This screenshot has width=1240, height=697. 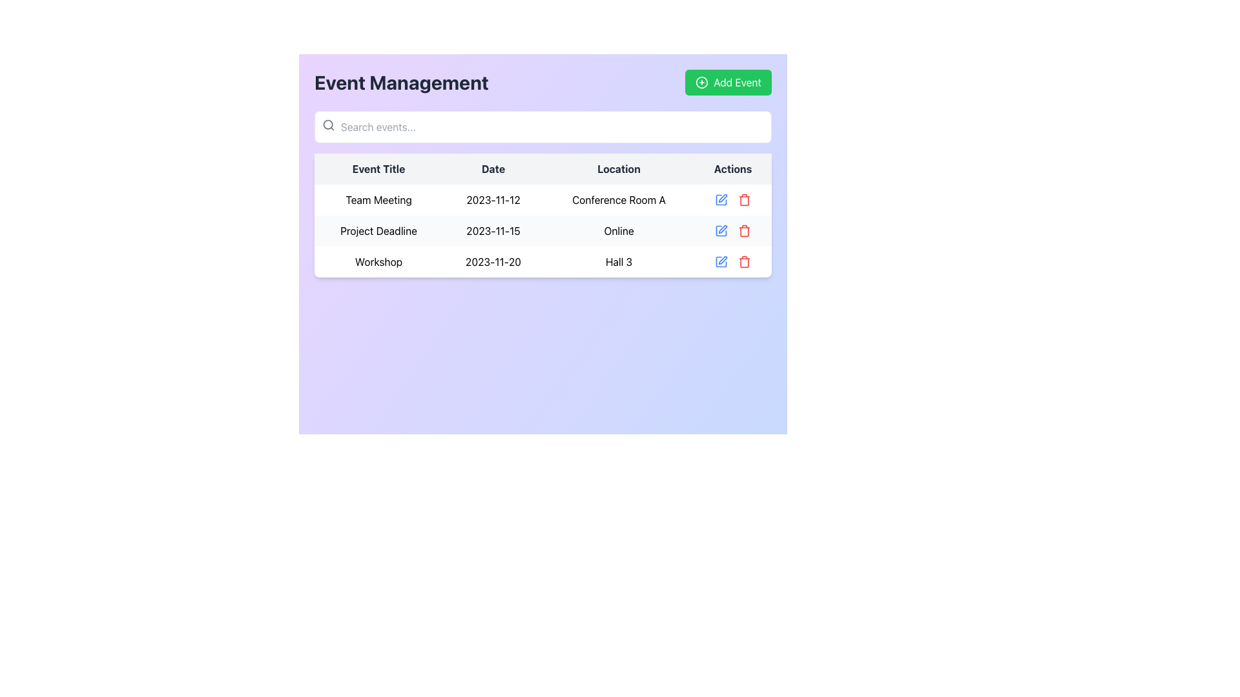 I want to click on the 'Add New Event' button located in the top-right corner of the 'Event Management' section for keyboard navigation, so click(x=728, y=82).